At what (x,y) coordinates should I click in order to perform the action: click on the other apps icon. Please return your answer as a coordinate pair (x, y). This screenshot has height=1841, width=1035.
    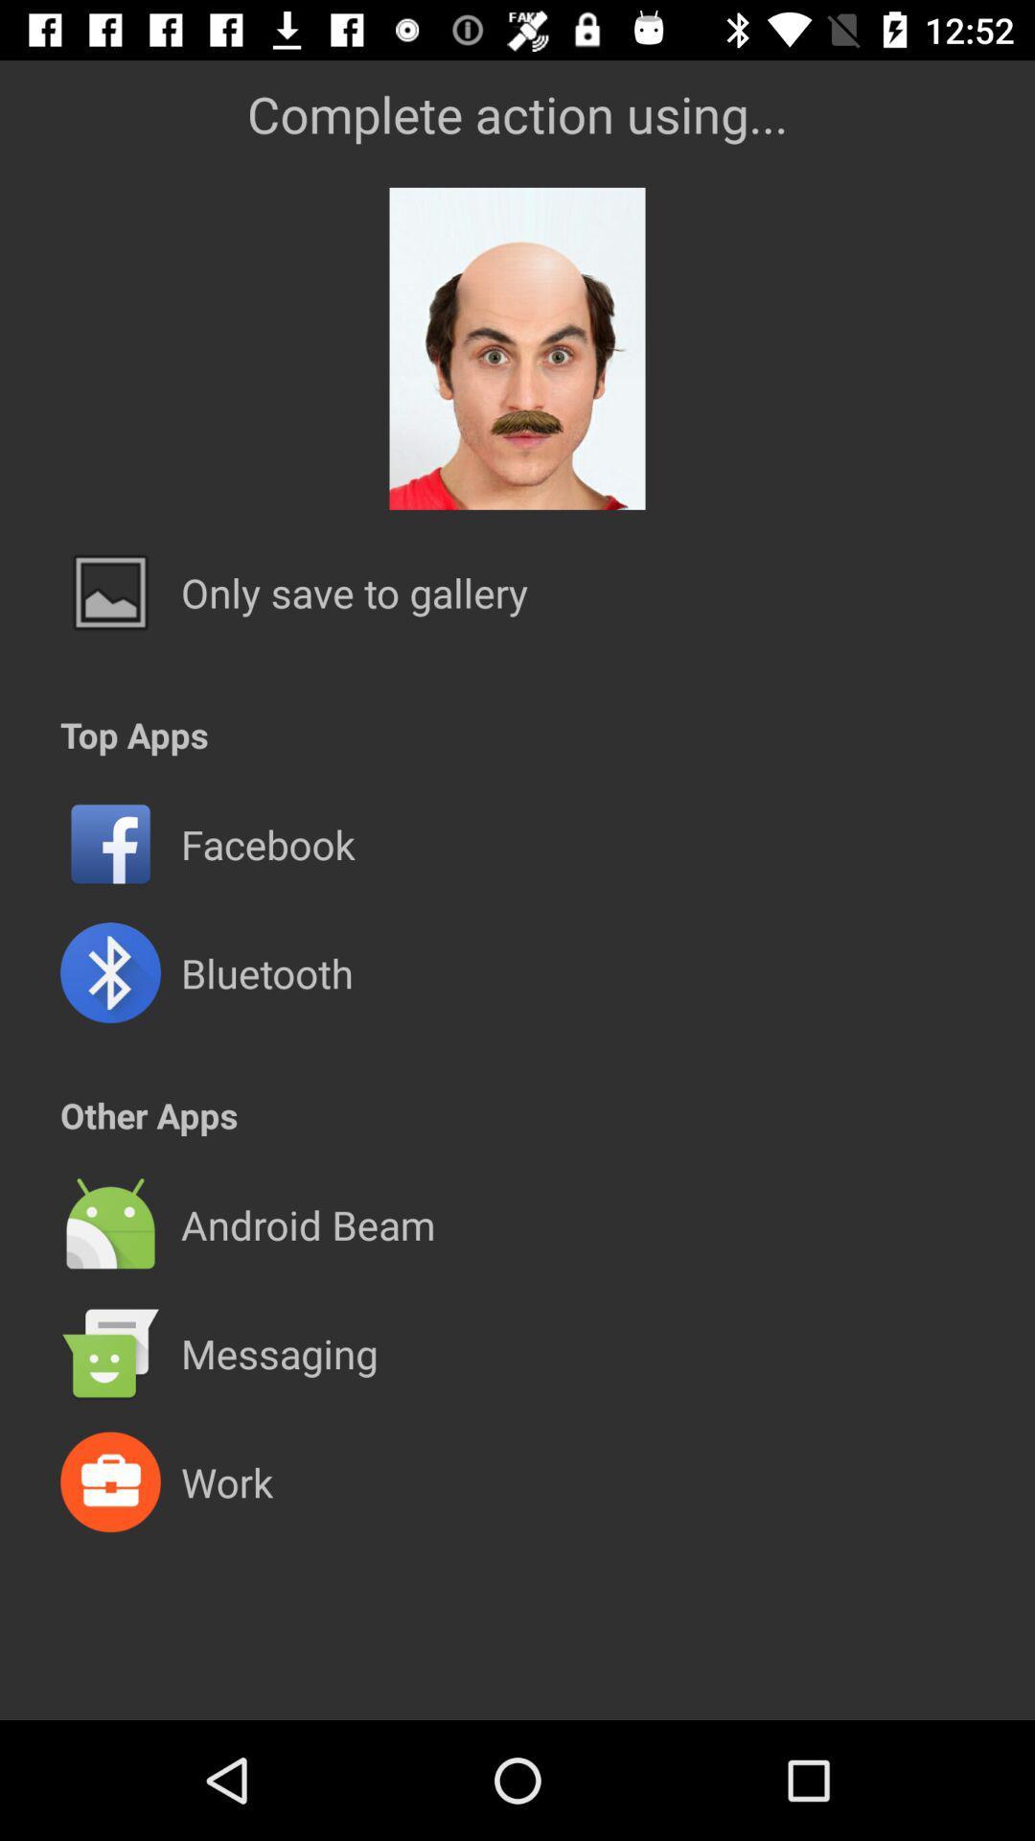
    Looking at the image, I should click on (148, 1115).